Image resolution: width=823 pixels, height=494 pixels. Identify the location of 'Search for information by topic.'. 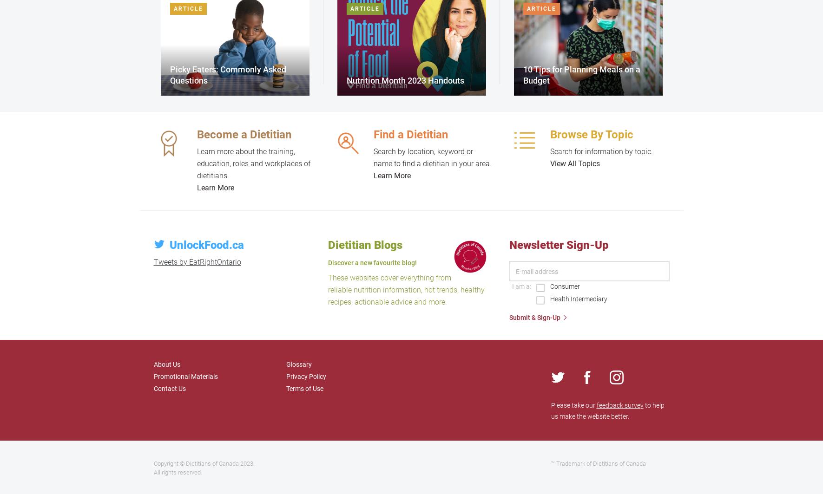
(550, 151).